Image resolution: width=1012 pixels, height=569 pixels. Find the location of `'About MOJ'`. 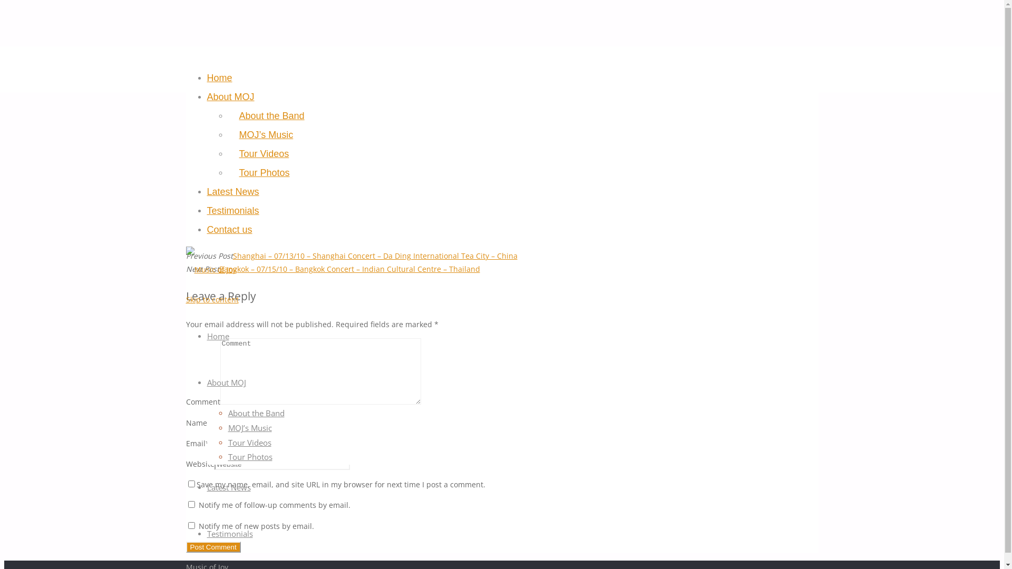

'About MOJ' is located at coordinates (229, 97).